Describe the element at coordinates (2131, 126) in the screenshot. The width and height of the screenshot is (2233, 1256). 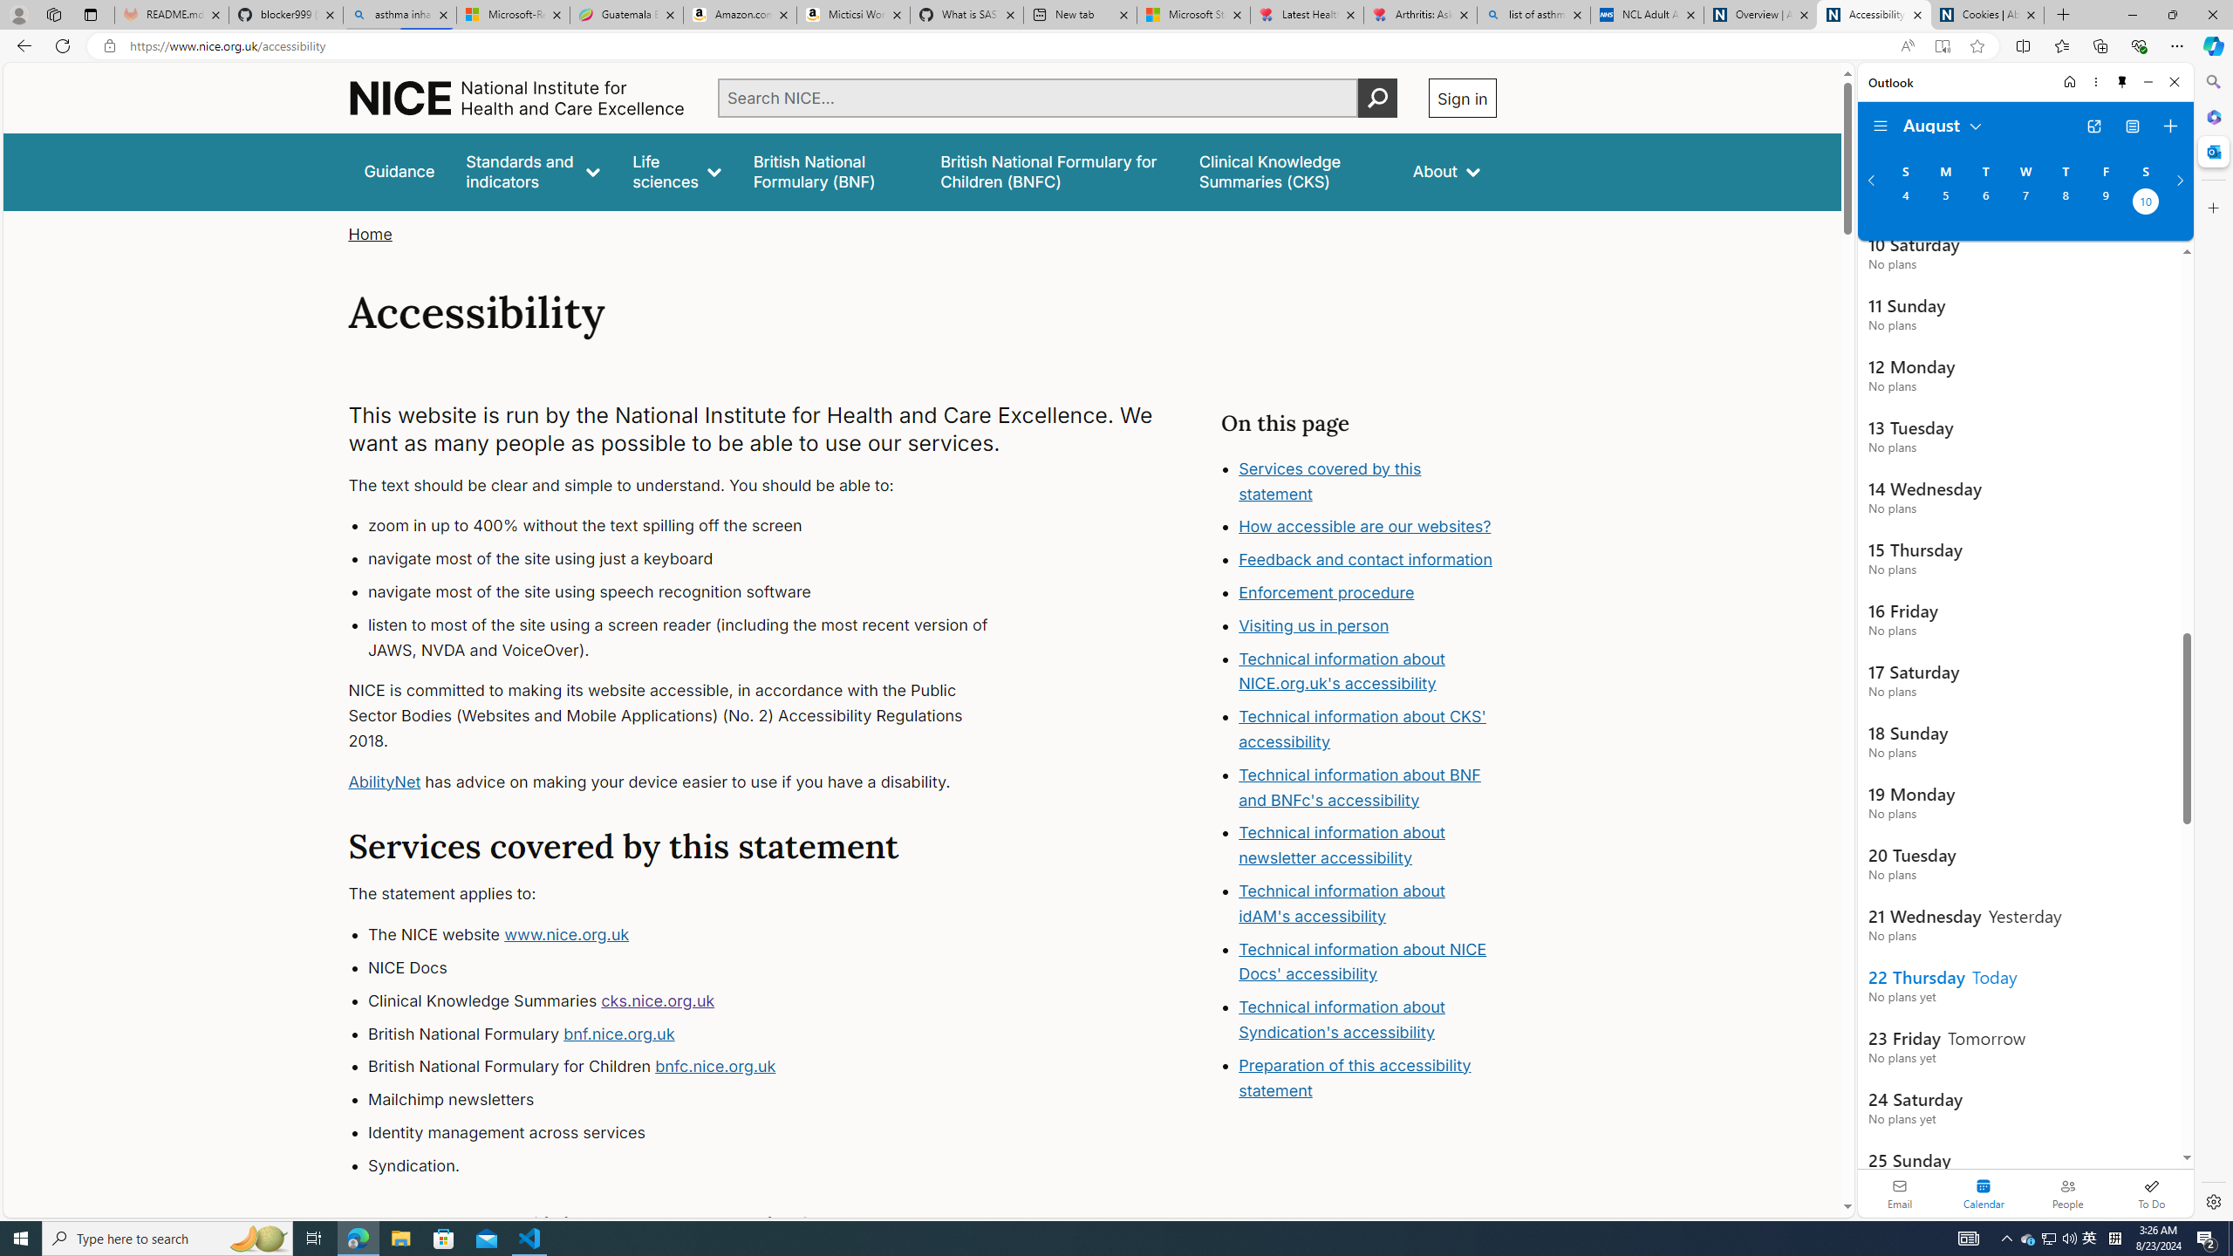
I see `'View Switcher. Current view is Agenda view'` at that location.